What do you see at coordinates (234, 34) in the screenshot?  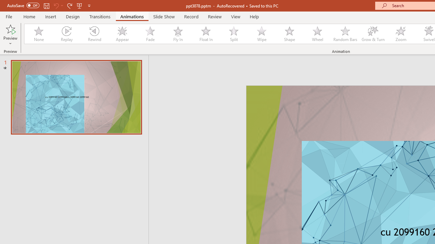 I see `'Split'` at bounding box center [234, 34].